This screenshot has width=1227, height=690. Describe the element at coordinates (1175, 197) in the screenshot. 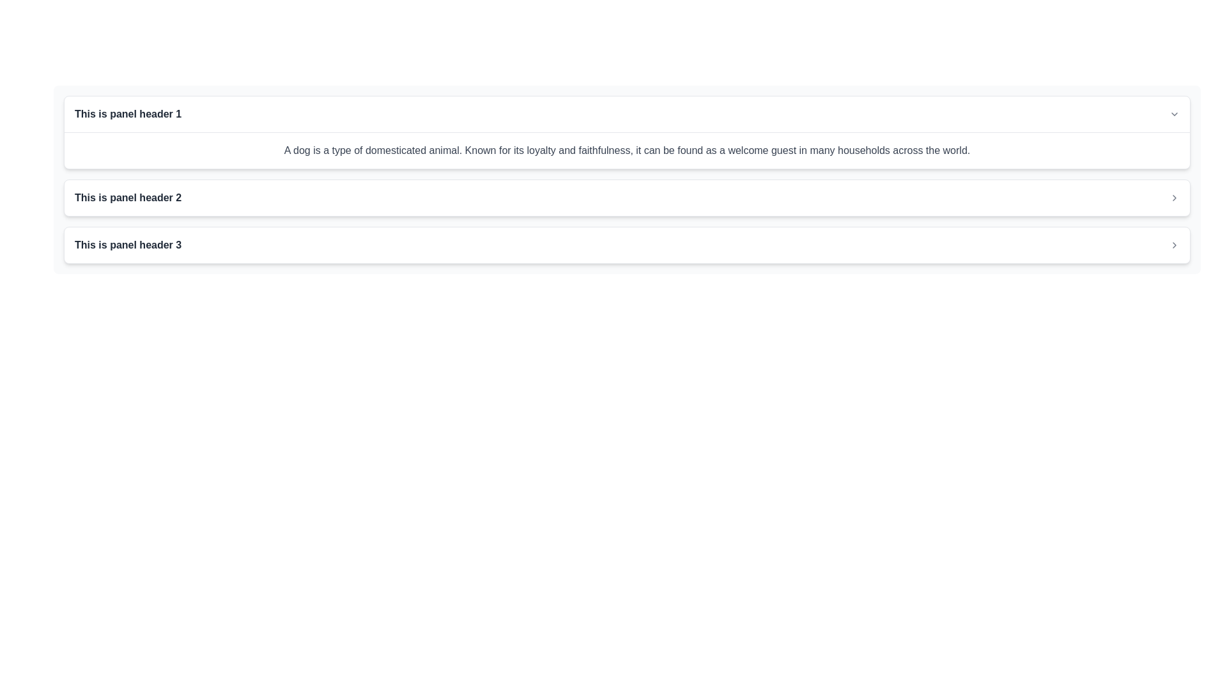

I see `the Chevron icon located in the top-right corner of the panel labeled 'This is panel header 2'` at that location.